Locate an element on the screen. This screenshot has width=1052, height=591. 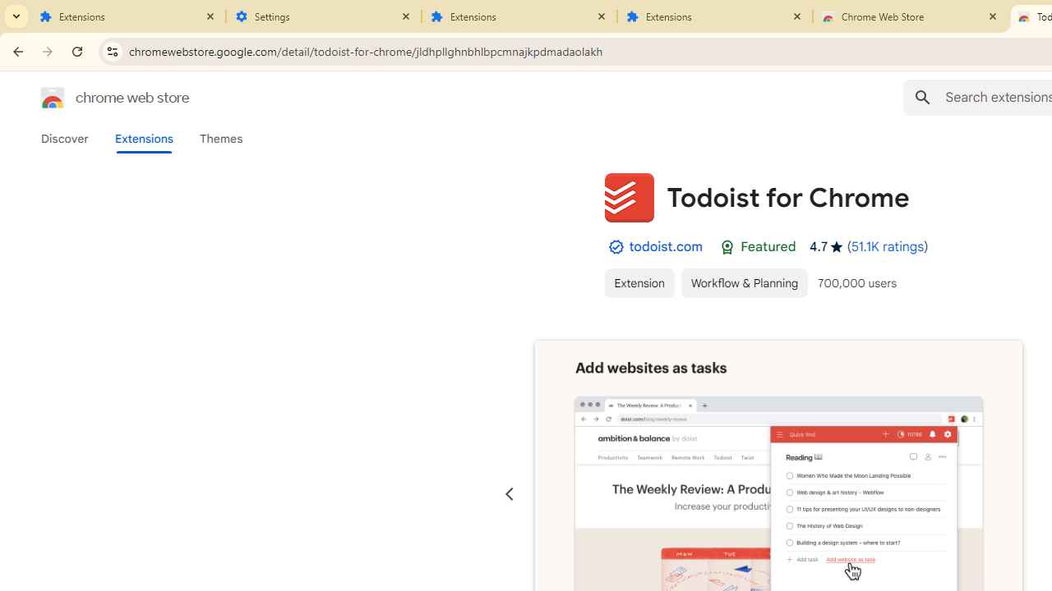
'Settings' is located at coordinates (324, 16).